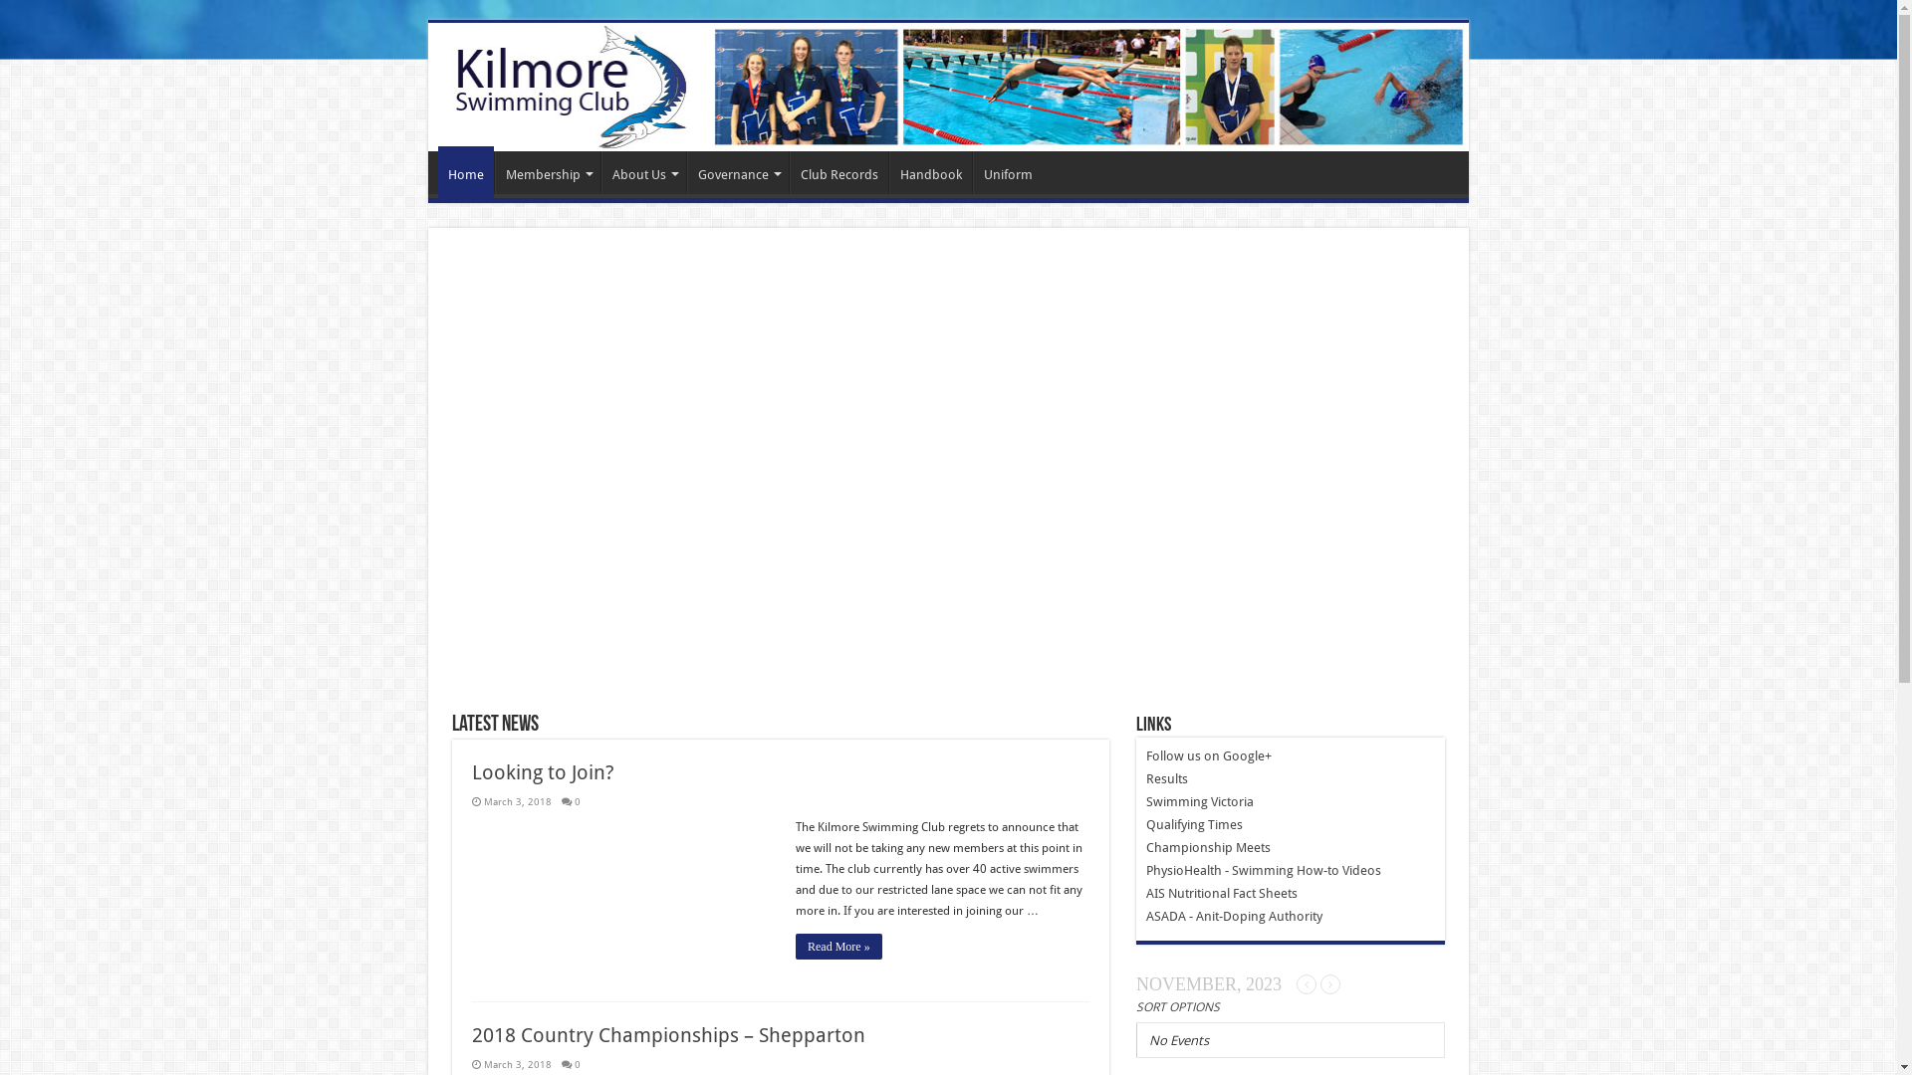 This screenshot has height=1075, width=1912. Describe the element at coordinates (1008, 171) in the screenshot. I see `'Uniform'` at that location.